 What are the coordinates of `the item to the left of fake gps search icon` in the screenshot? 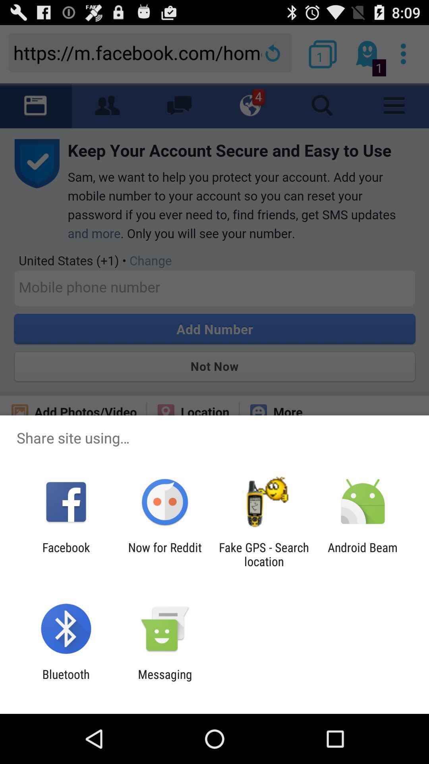 It's located at (164, 554).